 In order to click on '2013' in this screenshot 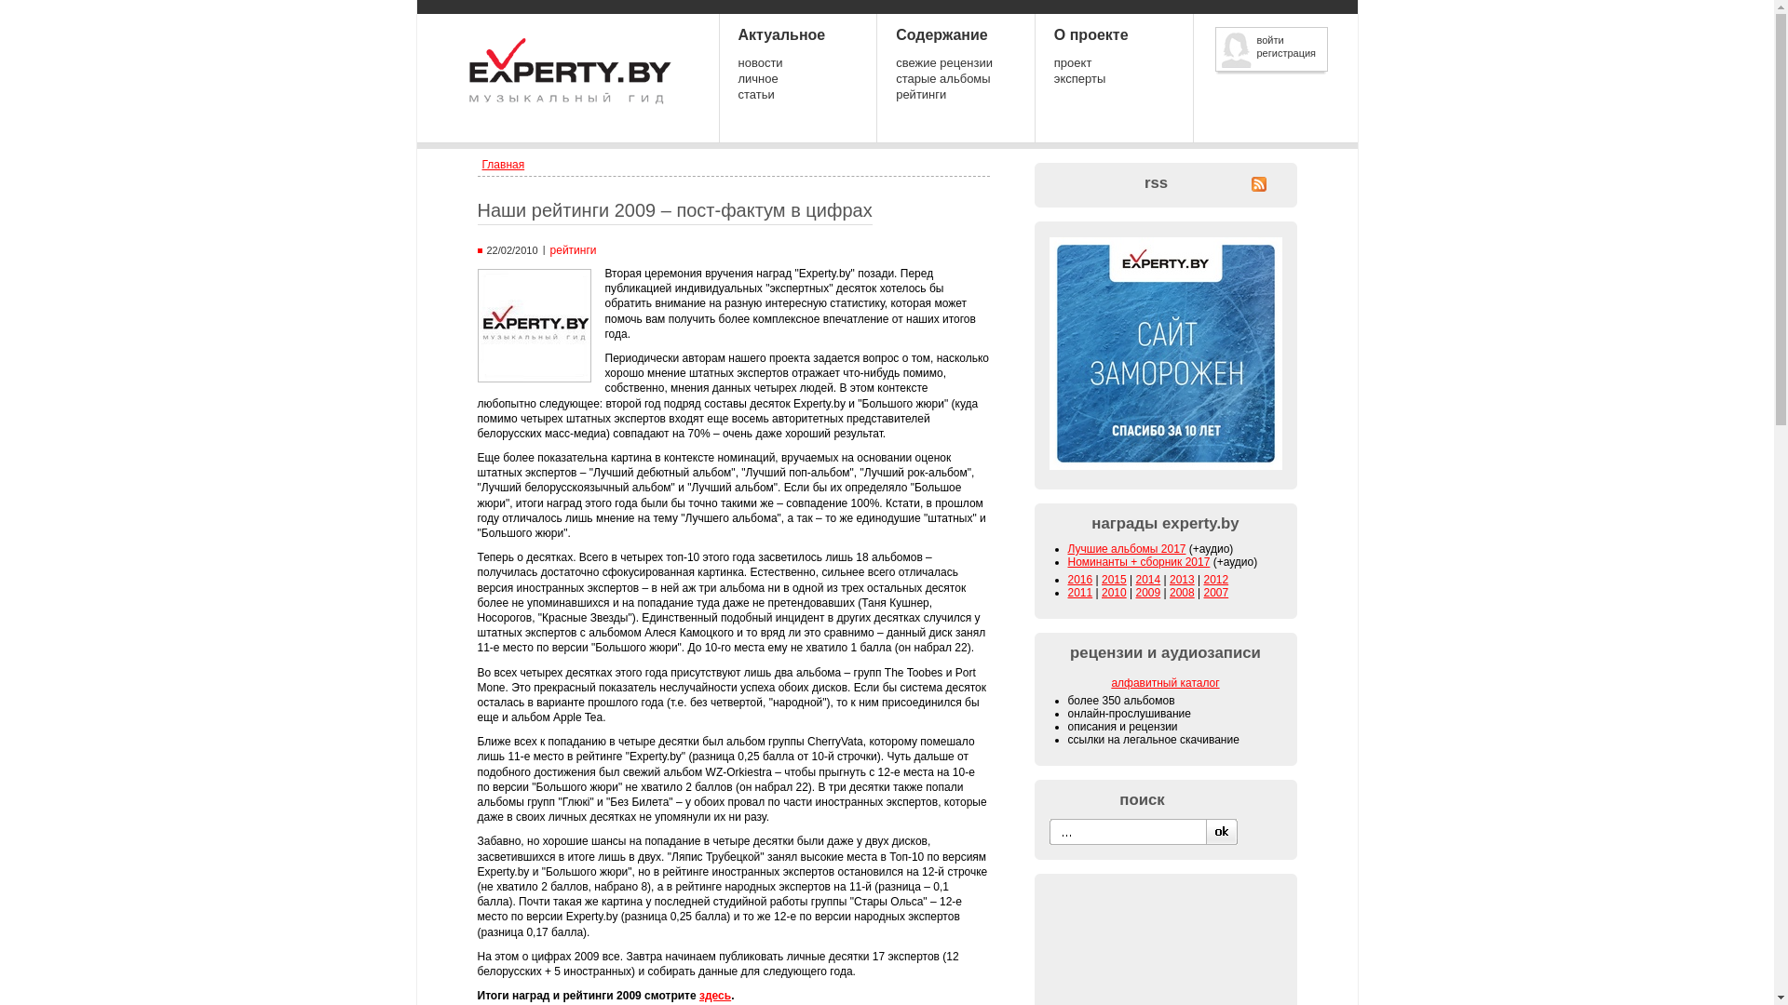, I will do `click(1181, 579)`.